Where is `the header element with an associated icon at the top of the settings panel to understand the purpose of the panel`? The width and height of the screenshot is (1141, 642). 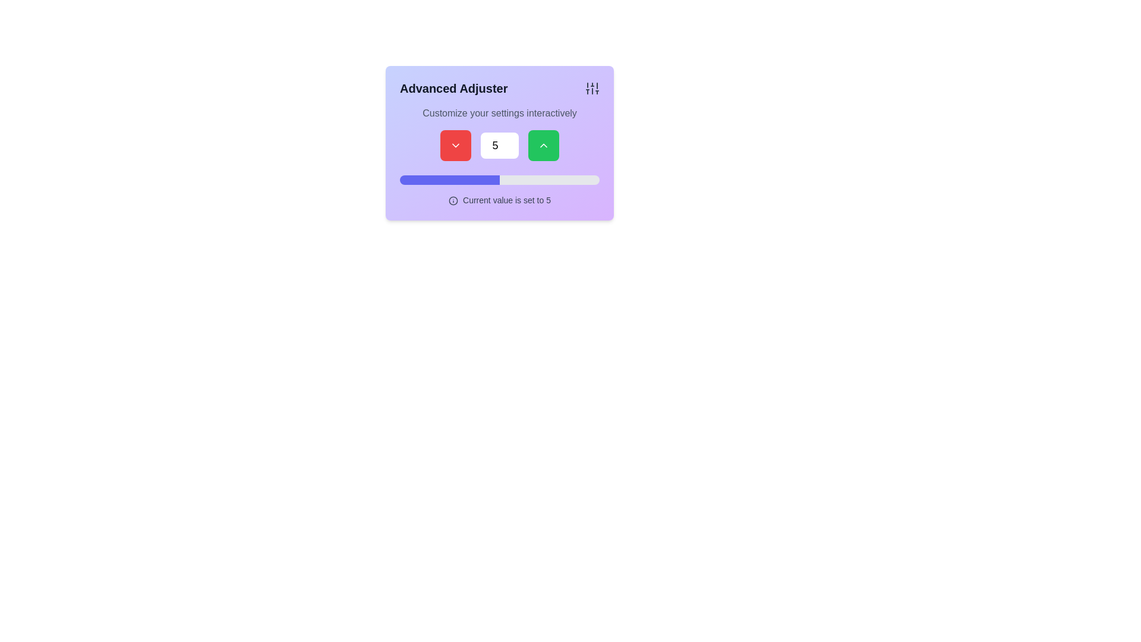 the header element with an associated icon at the top of the settings panel to understand the purpose of the panel is located at coordinates (499, 88).